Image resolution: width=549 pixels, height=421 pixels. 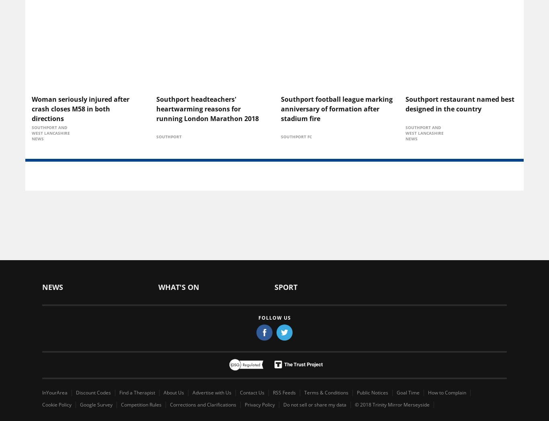 I want to click on 'Google Survey', so click(x=96, y=404).